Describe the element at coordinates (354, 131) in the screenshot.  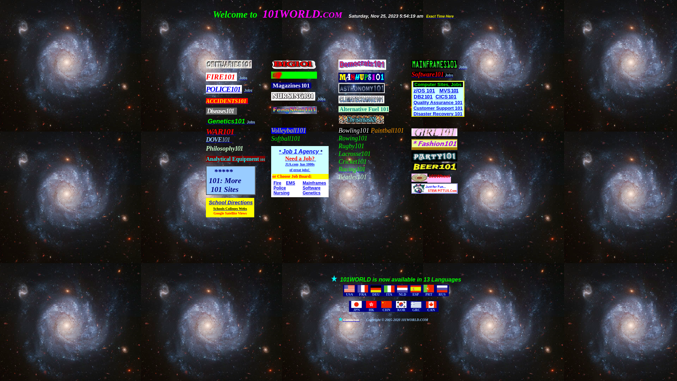
I see `'Bowling101'` at that location.